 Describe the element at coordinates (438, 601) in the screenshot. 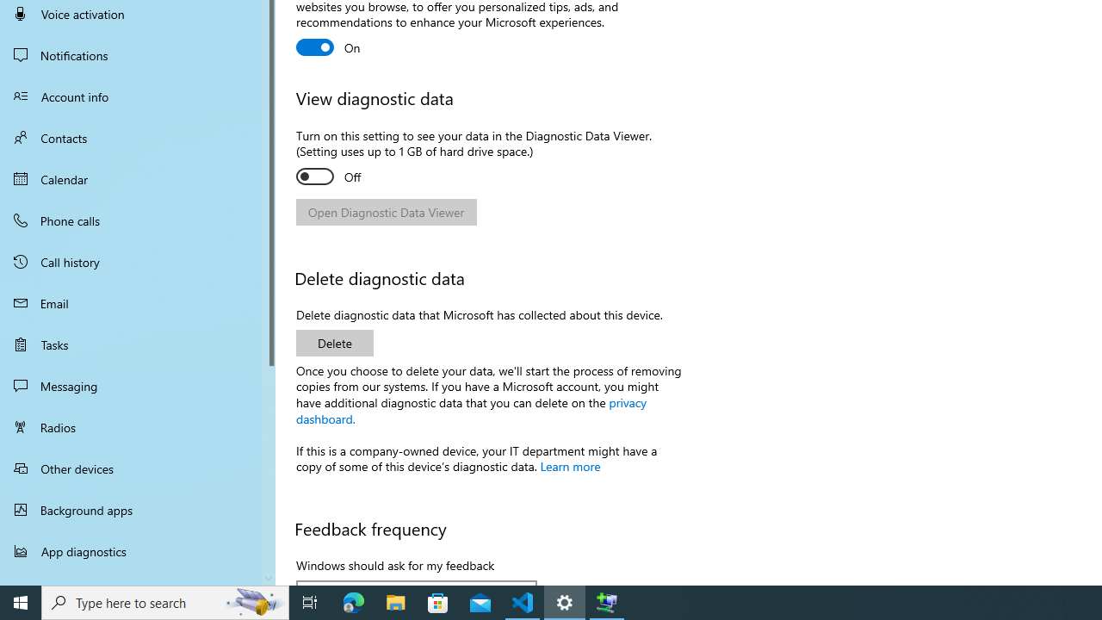

I see `'Microsoft Store'` at that location.